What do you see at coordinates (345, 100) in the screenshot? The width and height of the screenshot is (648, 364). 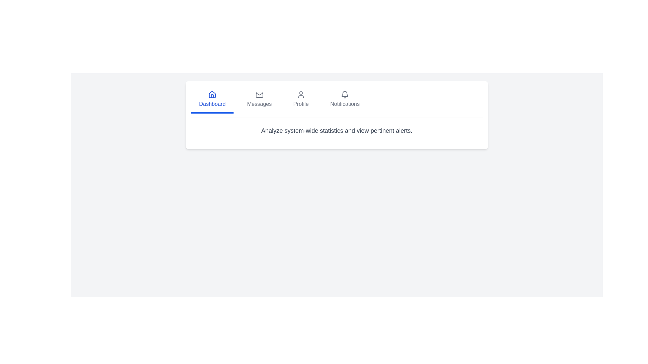 I see `the Notifications tab by clicking on its respective label` at bounding box center [345, 100].